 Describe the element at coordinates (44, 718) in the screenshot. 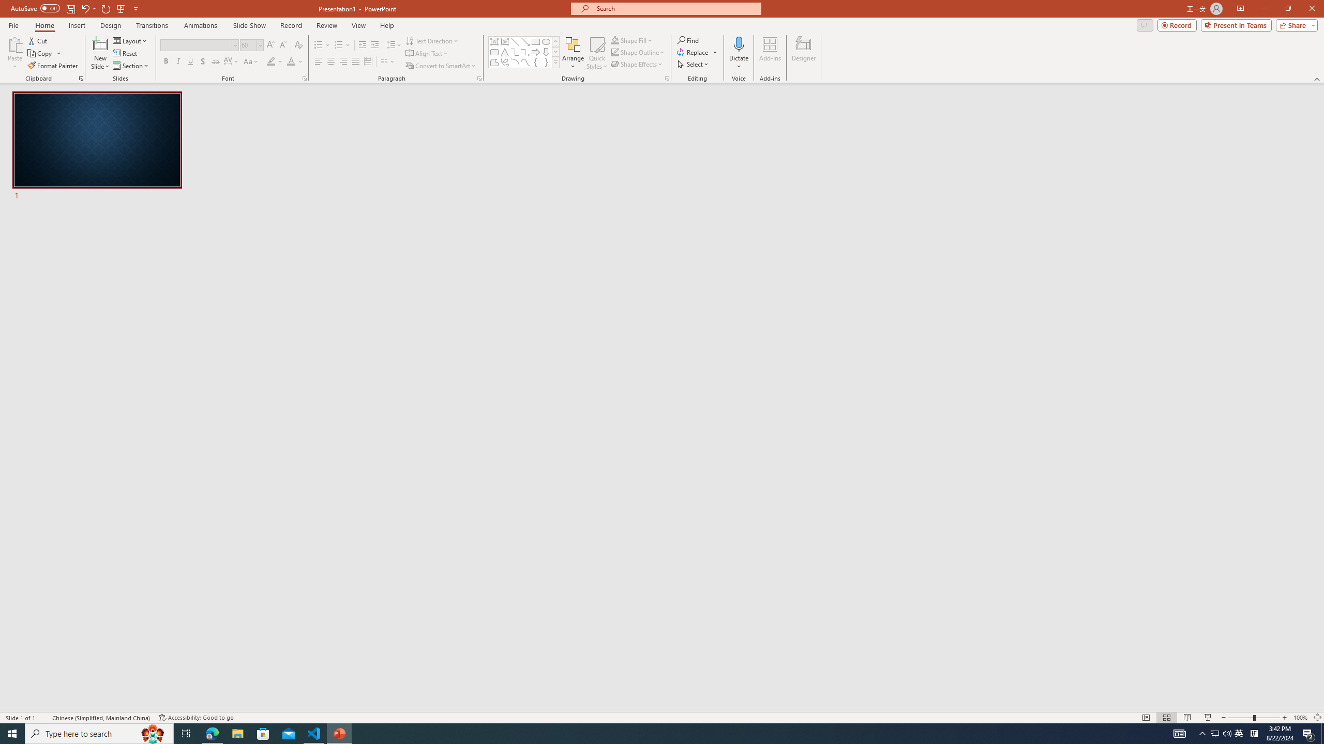

I see `'Spell Check '` at that location.